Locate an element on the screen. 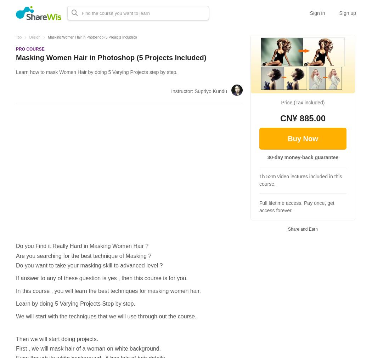 This screenshot has height=358, width=372. '30-day money-back guarantee' is located at coordinates (303, 157).